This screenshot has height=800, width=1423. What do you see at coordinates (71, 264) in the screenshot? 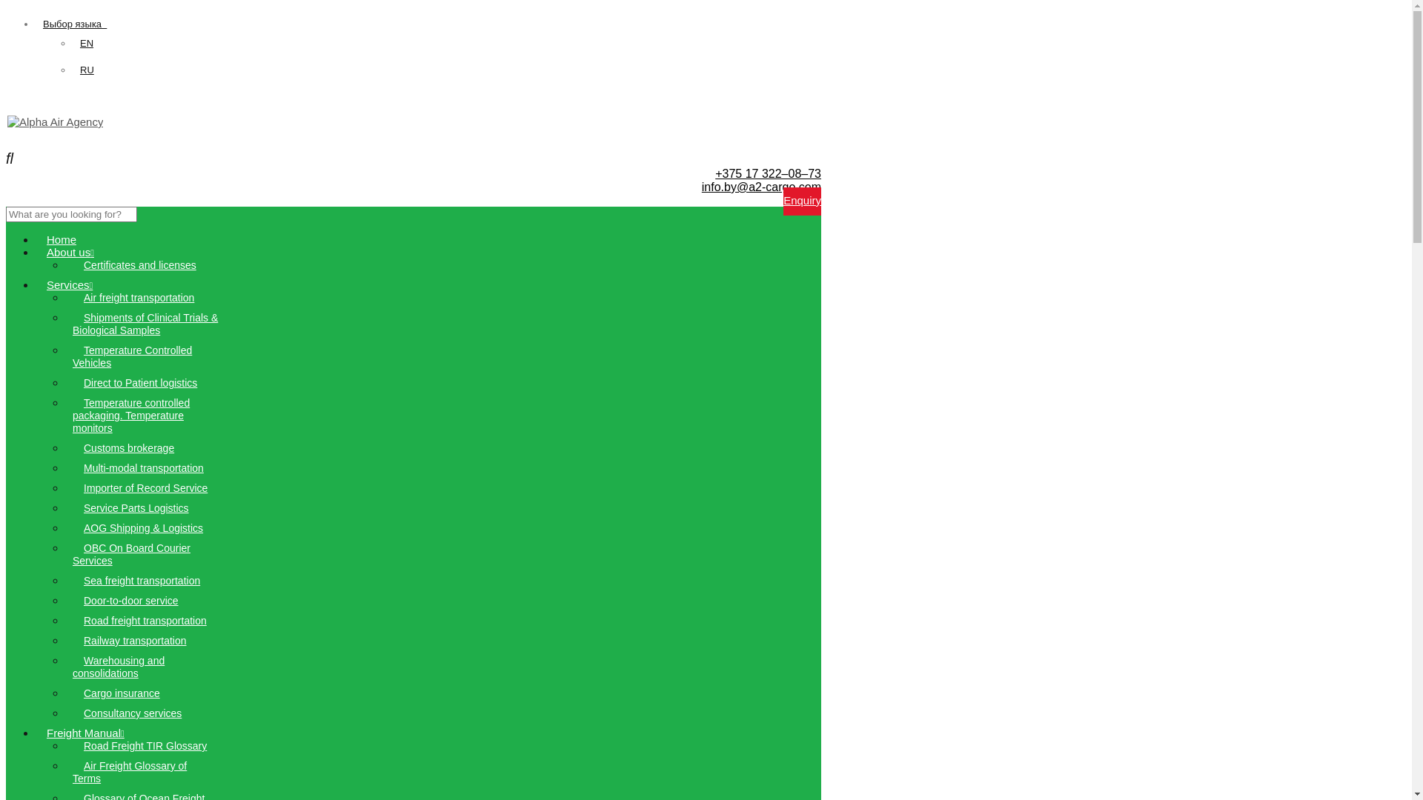
I see `'Certificates and licenses'` at bounding box center [71, 264].